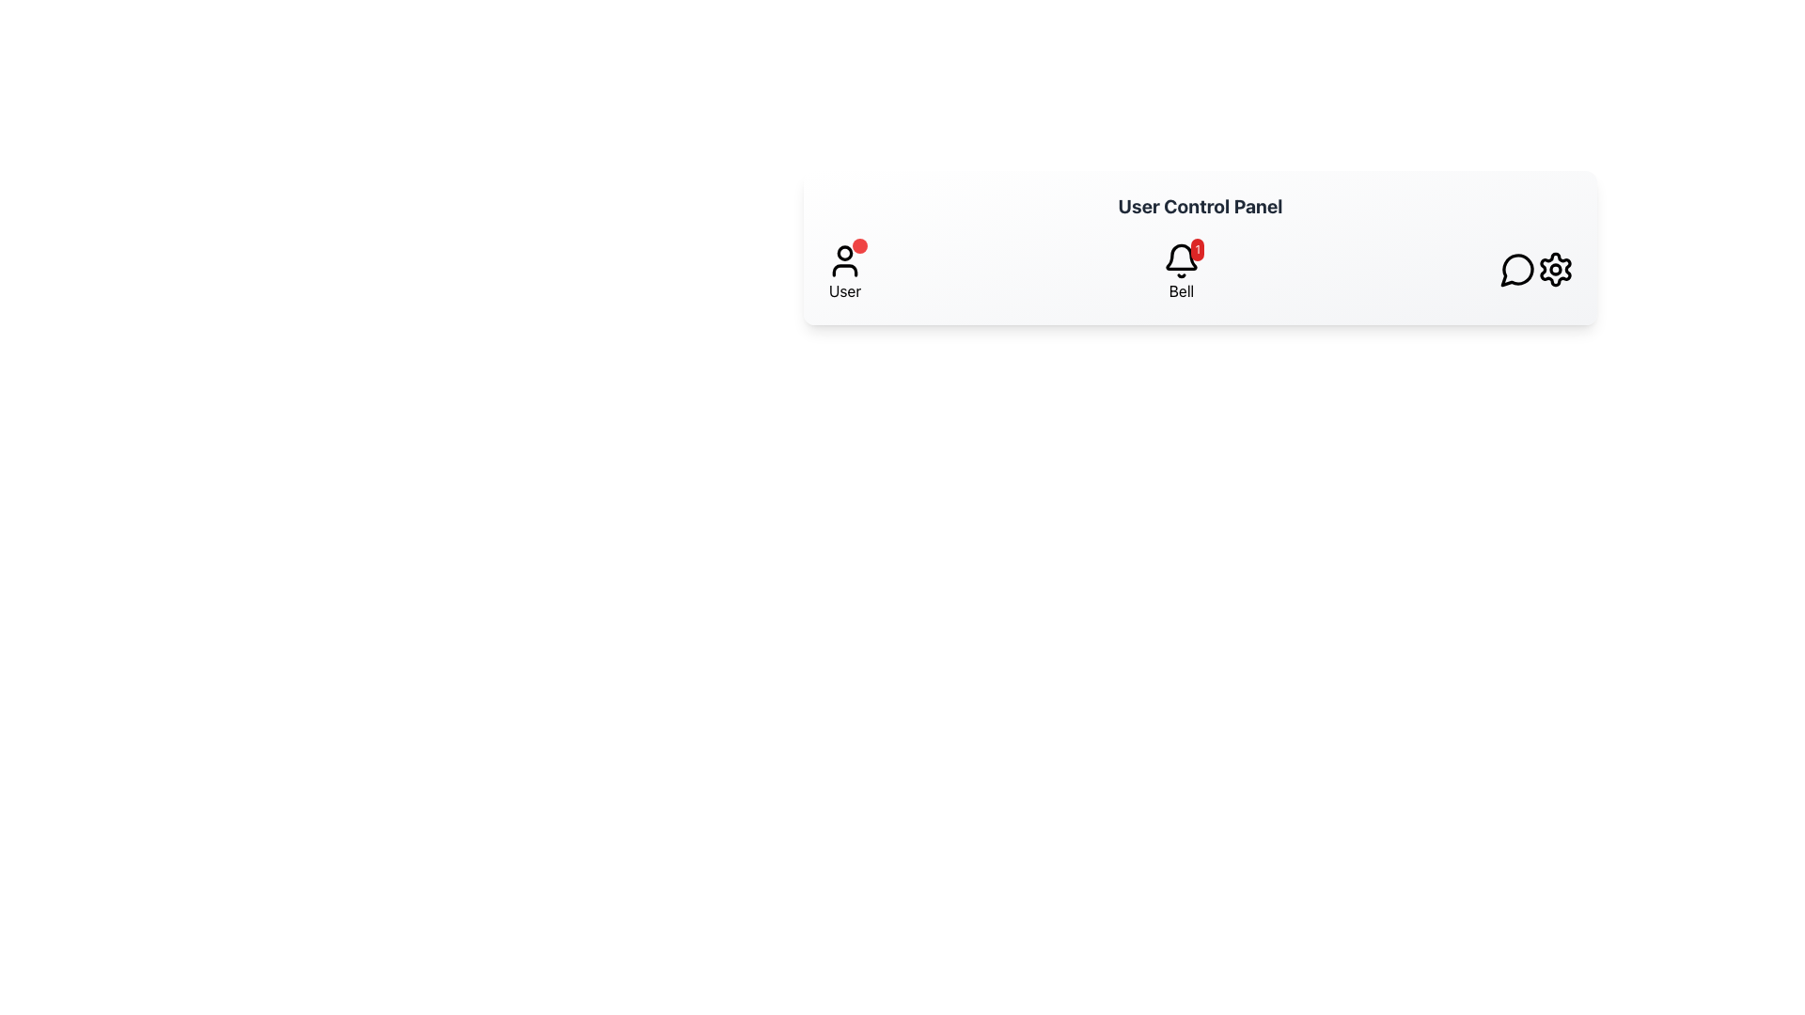 The image size is (1805, 1015). Describe the element at coordinates (843, 272) in the screenshot. I see `the user profile icon labeled 'User'` at that location.